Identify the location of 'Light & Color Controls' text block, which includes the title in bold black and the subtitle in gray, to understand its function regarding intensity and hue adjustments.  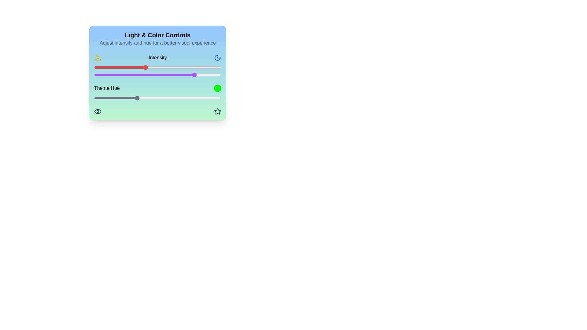
(157, 39).